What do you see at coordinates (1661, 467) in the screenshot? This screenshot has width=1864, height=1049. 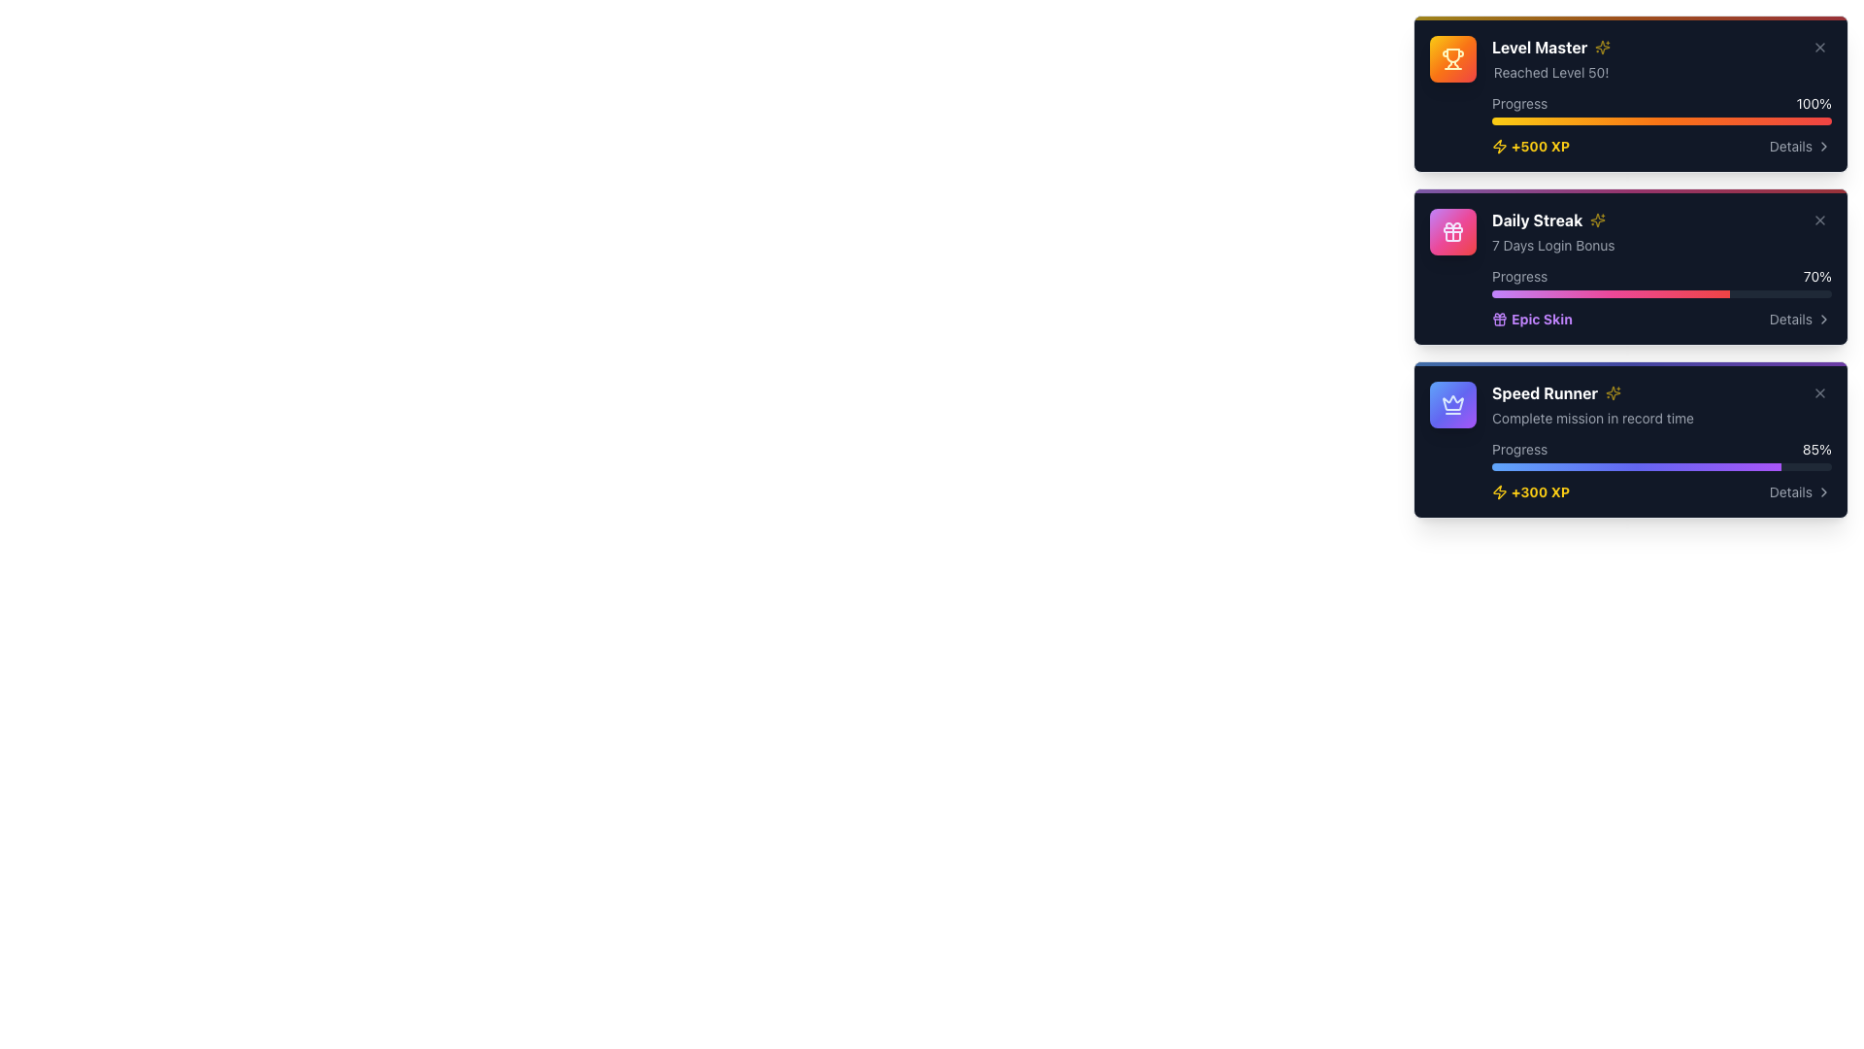 I see `the progress bar located at the bottom of the 'Speed Runner' card, which indicates 85% completion` at bounding box center [1661, 467].